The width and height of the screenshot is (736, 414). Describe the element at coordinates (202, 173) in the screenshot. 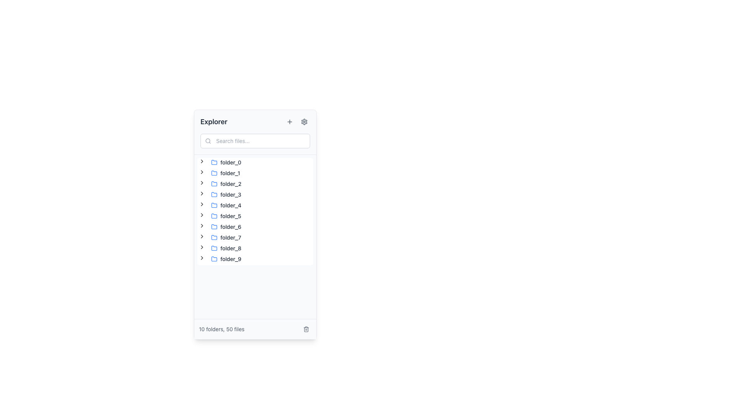

I see `the small triangular toggle button oriented to the right, located next to the text 'folder_1'` at that location.